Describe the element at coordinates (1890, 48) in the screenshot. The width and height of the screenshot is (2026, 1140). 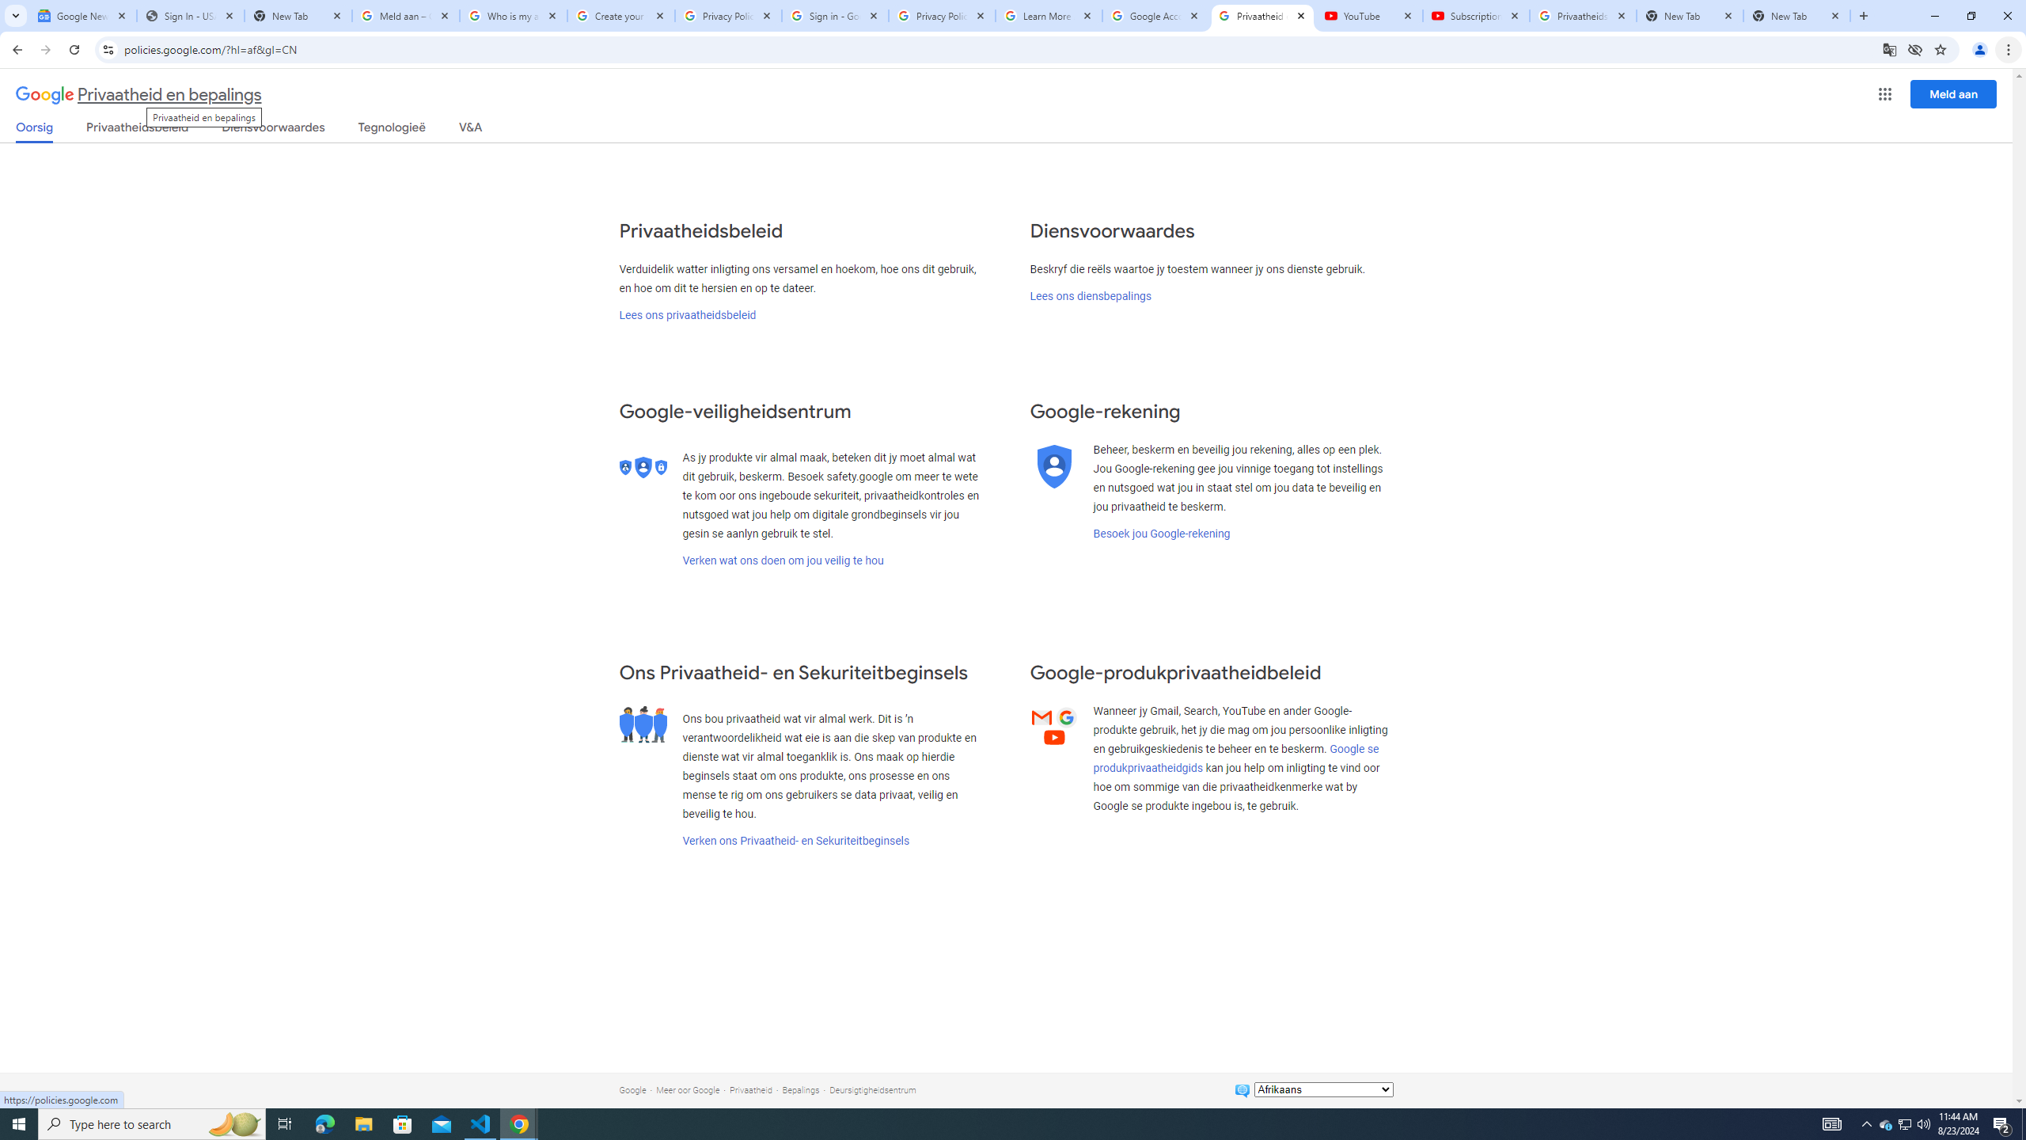
I see `'Translate this page'` at that location.